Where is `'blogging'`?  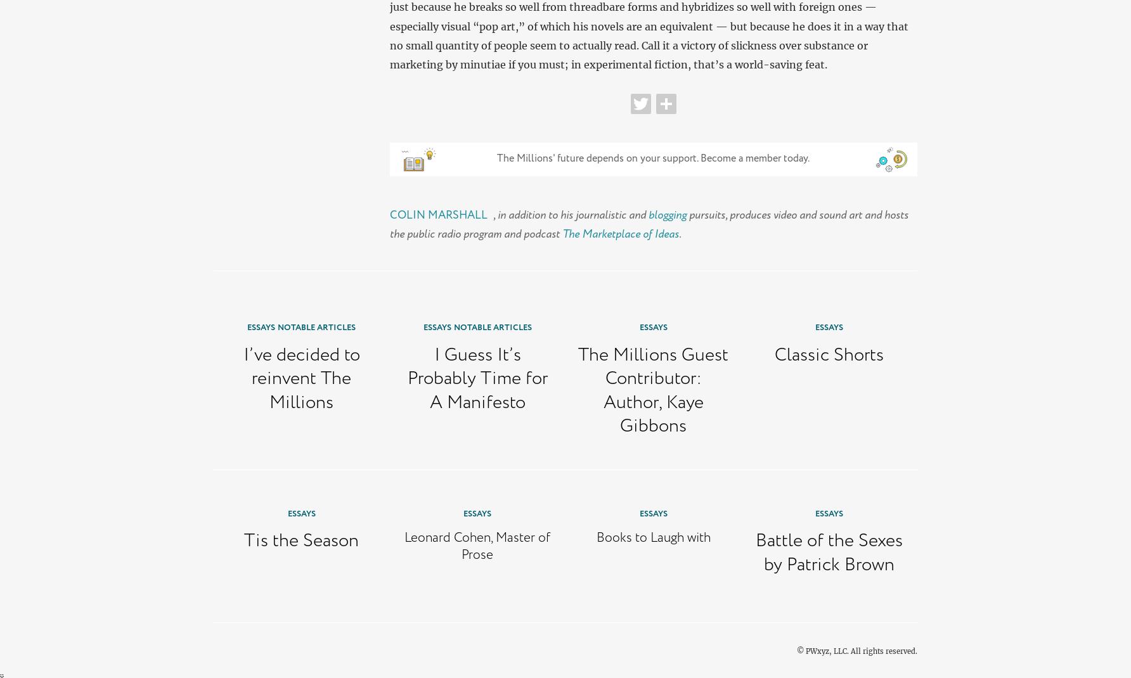 'blogging' is located at coordinates (666, 214).